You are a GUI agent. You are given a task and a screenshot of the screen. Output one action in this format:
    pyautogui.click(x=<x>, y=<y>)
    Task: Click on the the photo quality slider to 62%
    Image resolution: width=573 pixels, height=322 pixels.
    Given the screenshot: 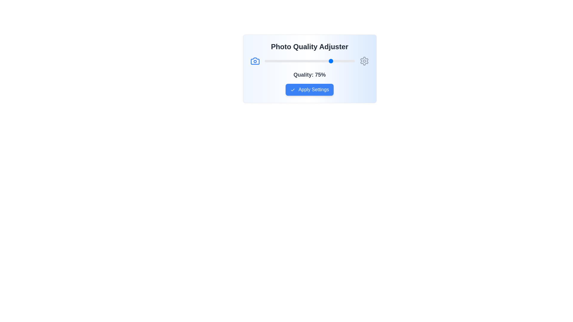 What is the action you would take?
    pyautogui.click(x=320, y=61)
    